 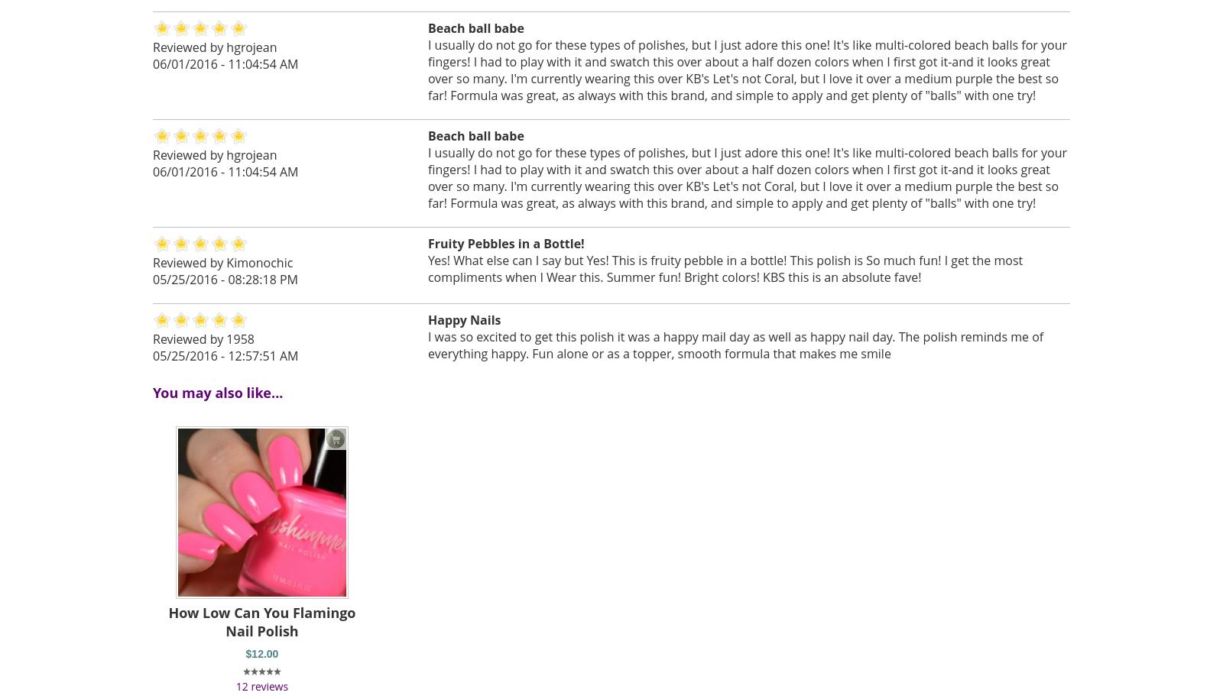 I want to click on 'Reviewed by 1958', so click(x=203, y=338).